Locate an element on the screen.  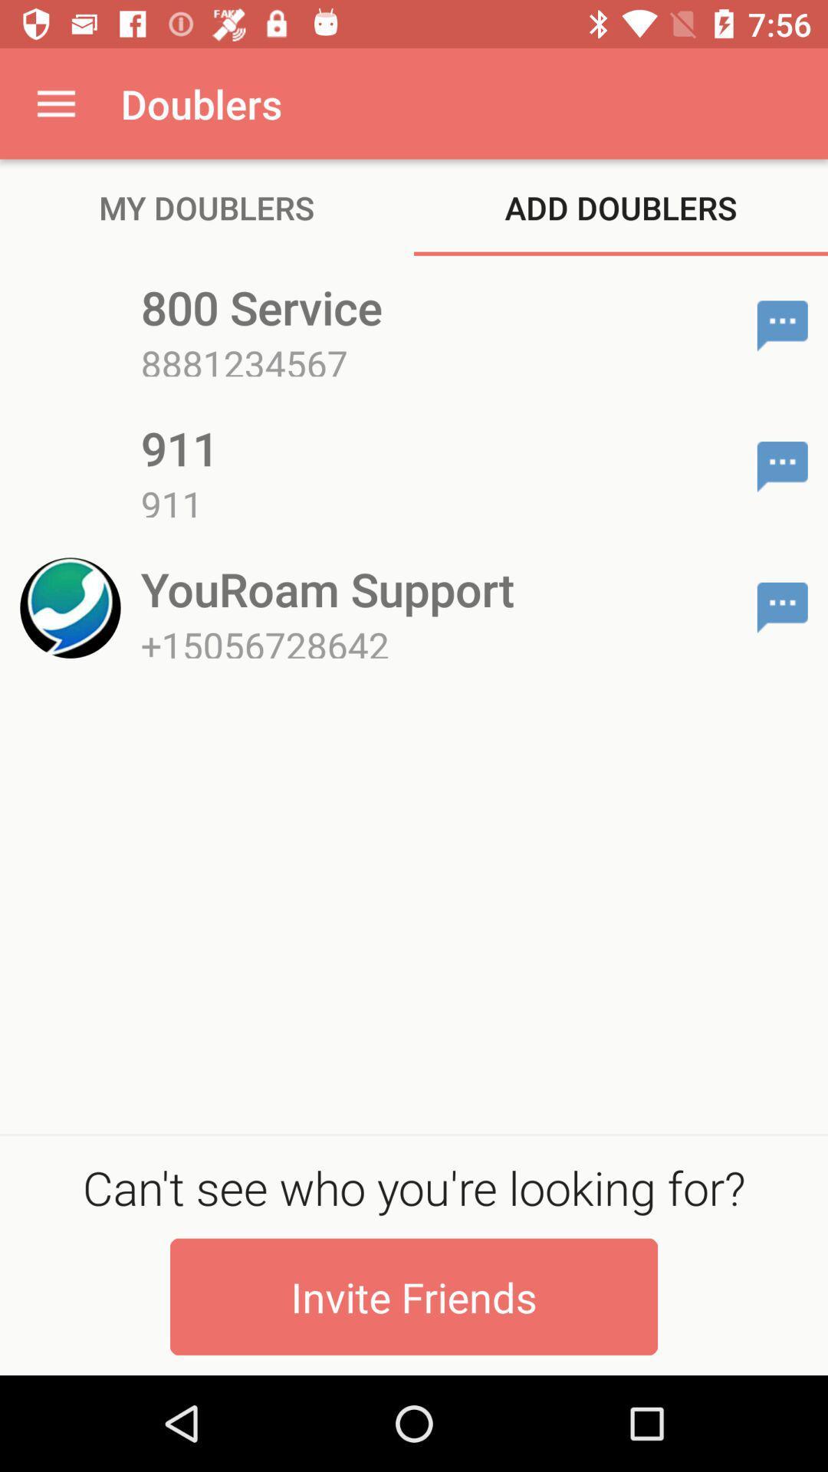
the item to the right of 911 item is located at coordinates (782, 466).